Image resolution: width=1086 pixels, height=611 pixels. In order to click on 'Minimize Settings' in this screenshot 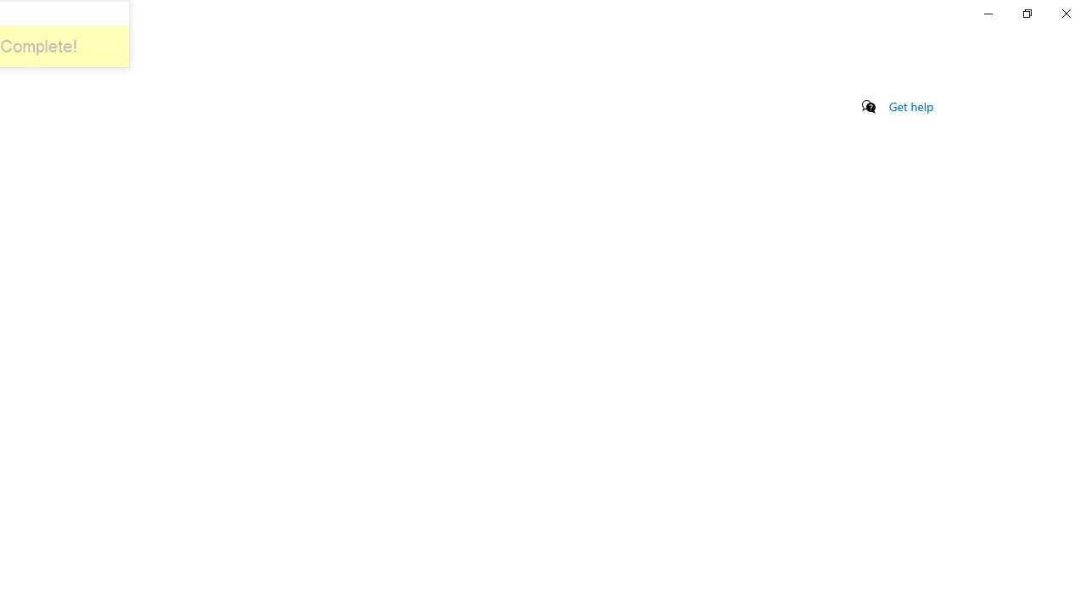, I will do `click(988, 13)`.